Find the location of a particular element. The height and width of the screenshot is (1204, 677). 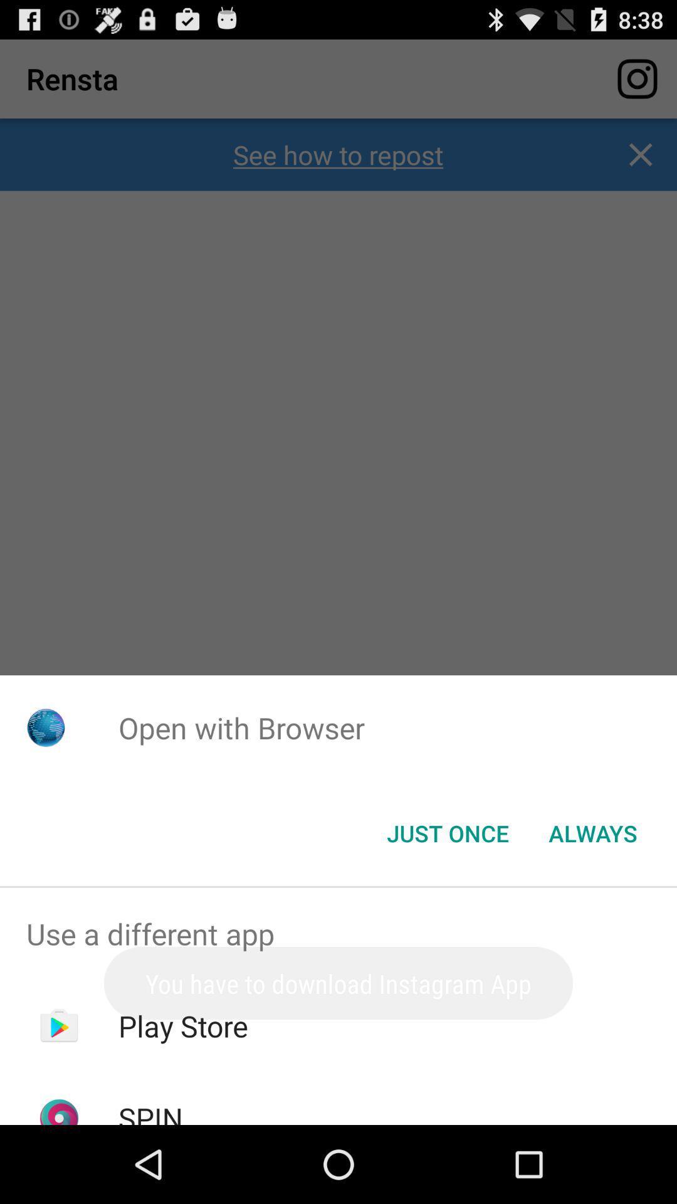

always at the bottom right corner is located at coordinates (592, 833).